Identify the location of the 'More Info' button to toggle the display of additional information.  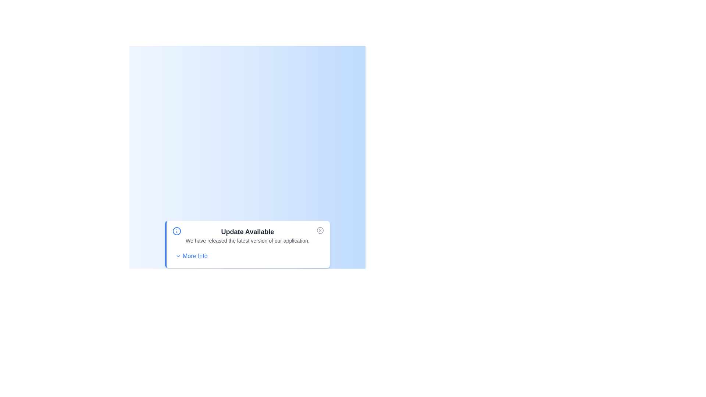
(191, 256).